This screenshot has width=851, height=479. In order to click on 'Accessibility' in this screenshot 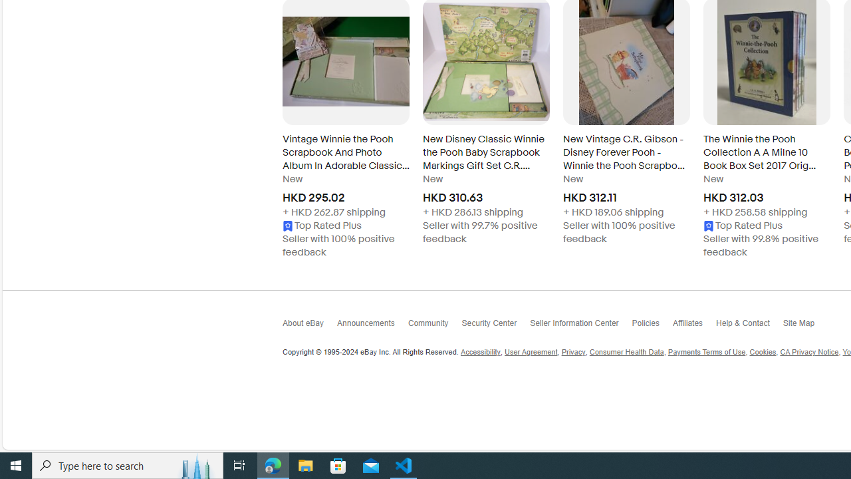, I will do `click(479, 351)`.